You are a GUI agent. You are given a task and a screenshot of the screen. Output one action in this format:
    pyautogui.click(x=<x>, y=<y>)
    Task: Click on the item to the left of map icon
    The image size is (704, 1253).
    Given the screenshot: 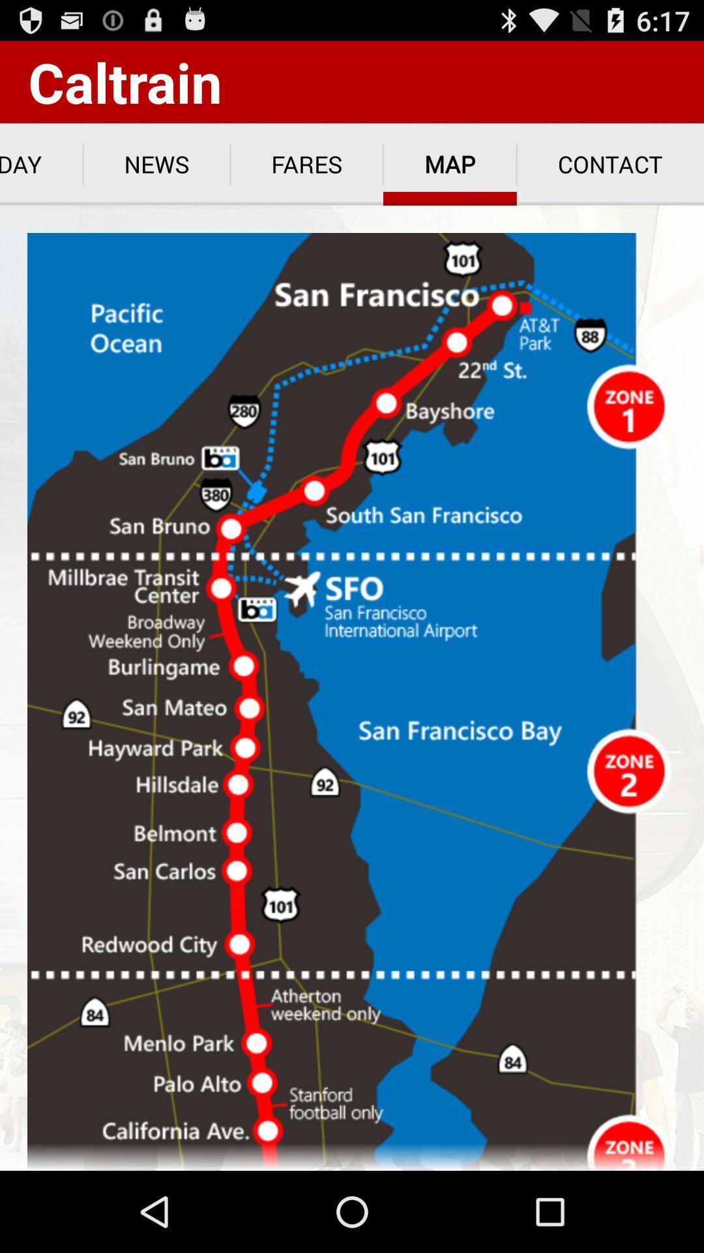 What is the action you would take?
    pyautogui.click(x=306, y=164)
    